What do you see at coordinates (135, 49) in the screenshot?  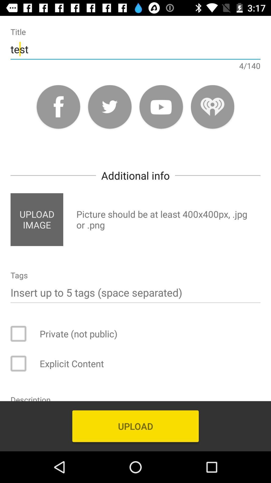 I see `the test icon` at bounding box center [135, 49].